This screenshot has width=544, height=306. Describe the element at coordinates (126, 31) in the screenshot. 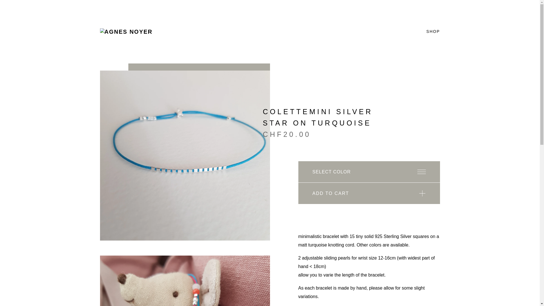

I see `'agnes noyer'` at that location.